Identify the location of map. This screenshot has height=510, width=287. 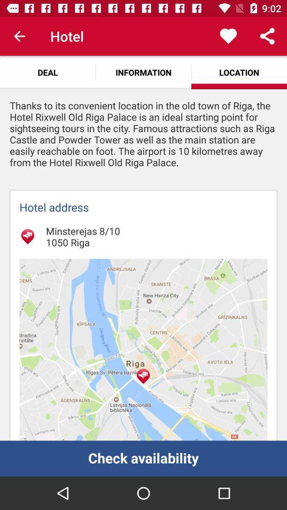
(143, 349).